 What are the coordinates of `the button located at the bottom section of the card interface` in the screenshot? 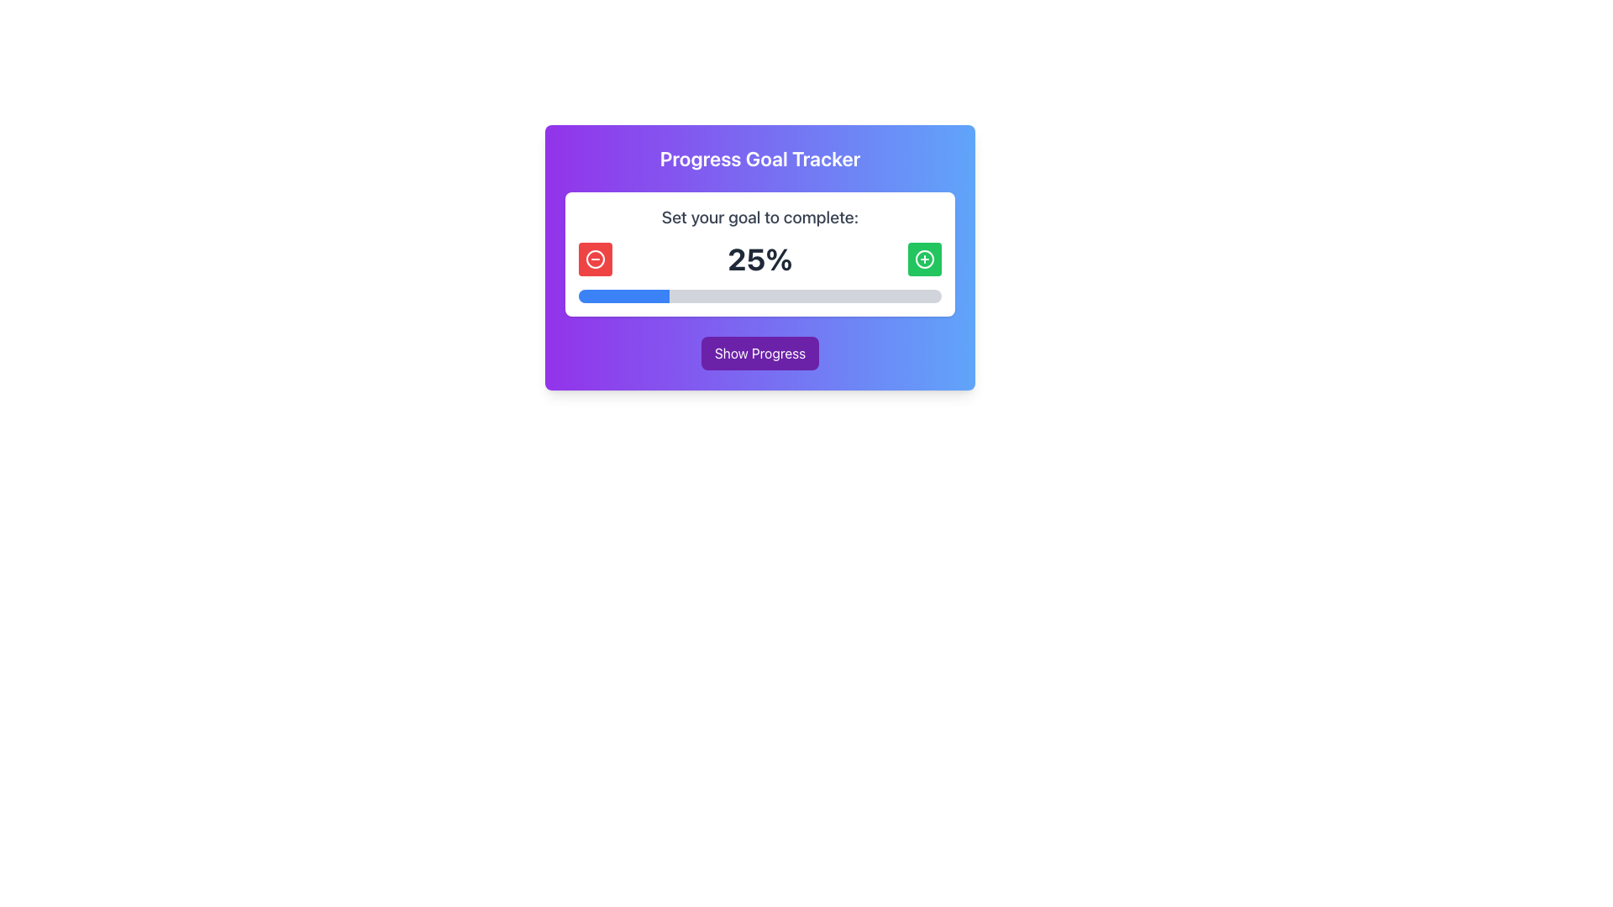 It's located at (759, 352).